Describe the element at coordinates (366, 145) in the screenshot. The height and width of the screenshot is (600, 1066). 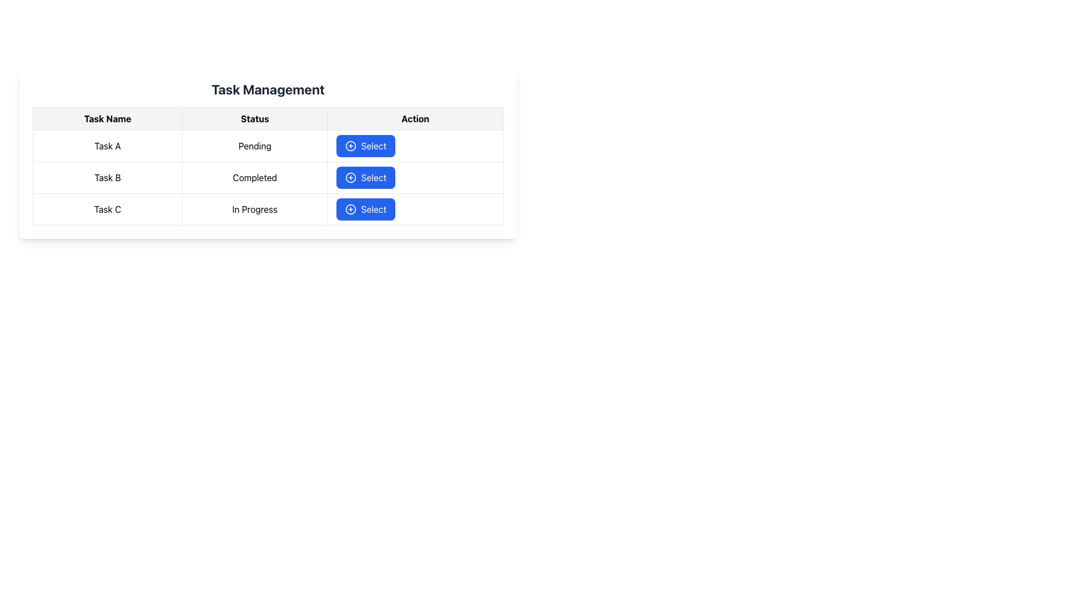
I see `the blue button with a plus sign icon and the text 'Select' in the first row of the 'Action' column in the 'Task Management' table` at that location.